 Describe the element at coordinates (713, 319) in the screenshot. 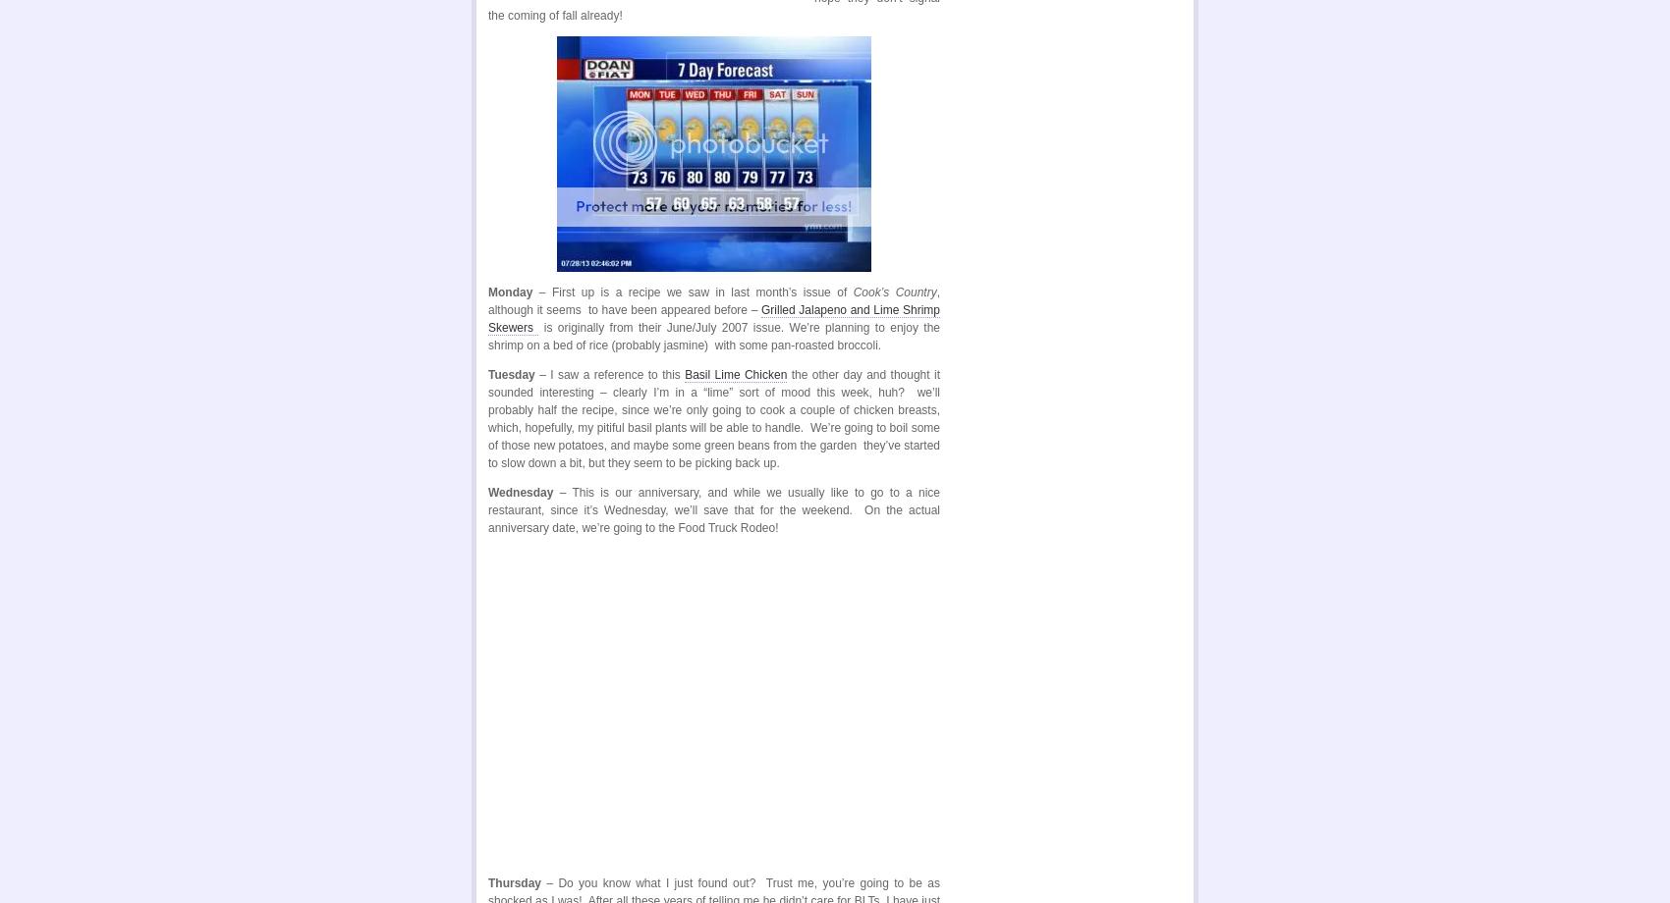

I see `'Grilled Jalapeno and Lime Shrimp Skewers'` at that location.